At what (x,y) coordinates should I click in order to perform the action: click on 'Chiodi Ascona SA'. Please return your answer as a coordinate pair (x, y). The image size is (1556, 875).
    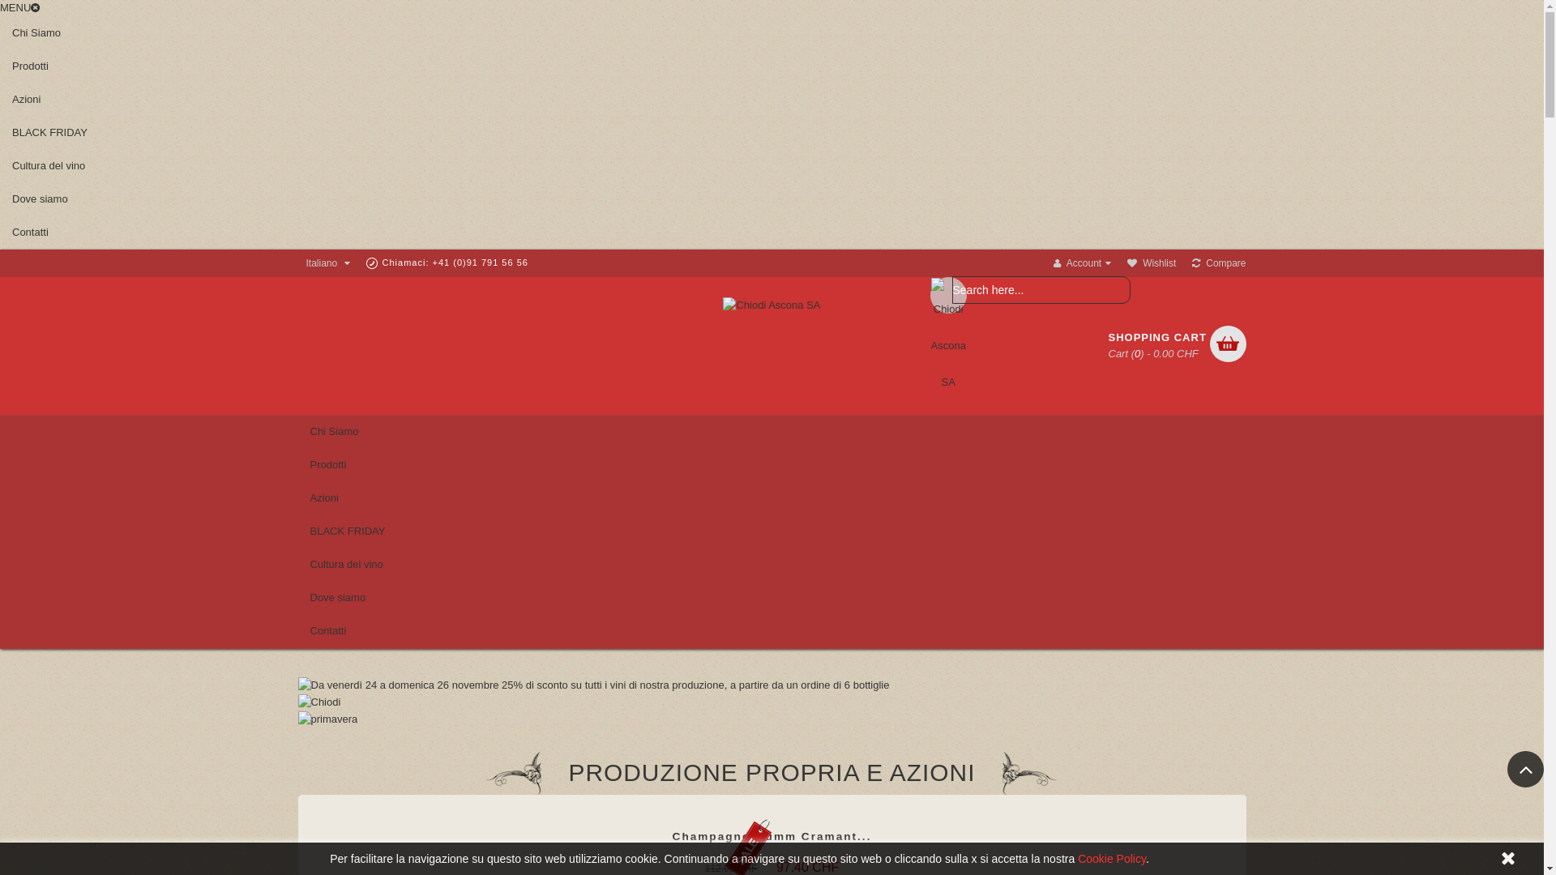
    Looking at the image, I should click on (770, 305).